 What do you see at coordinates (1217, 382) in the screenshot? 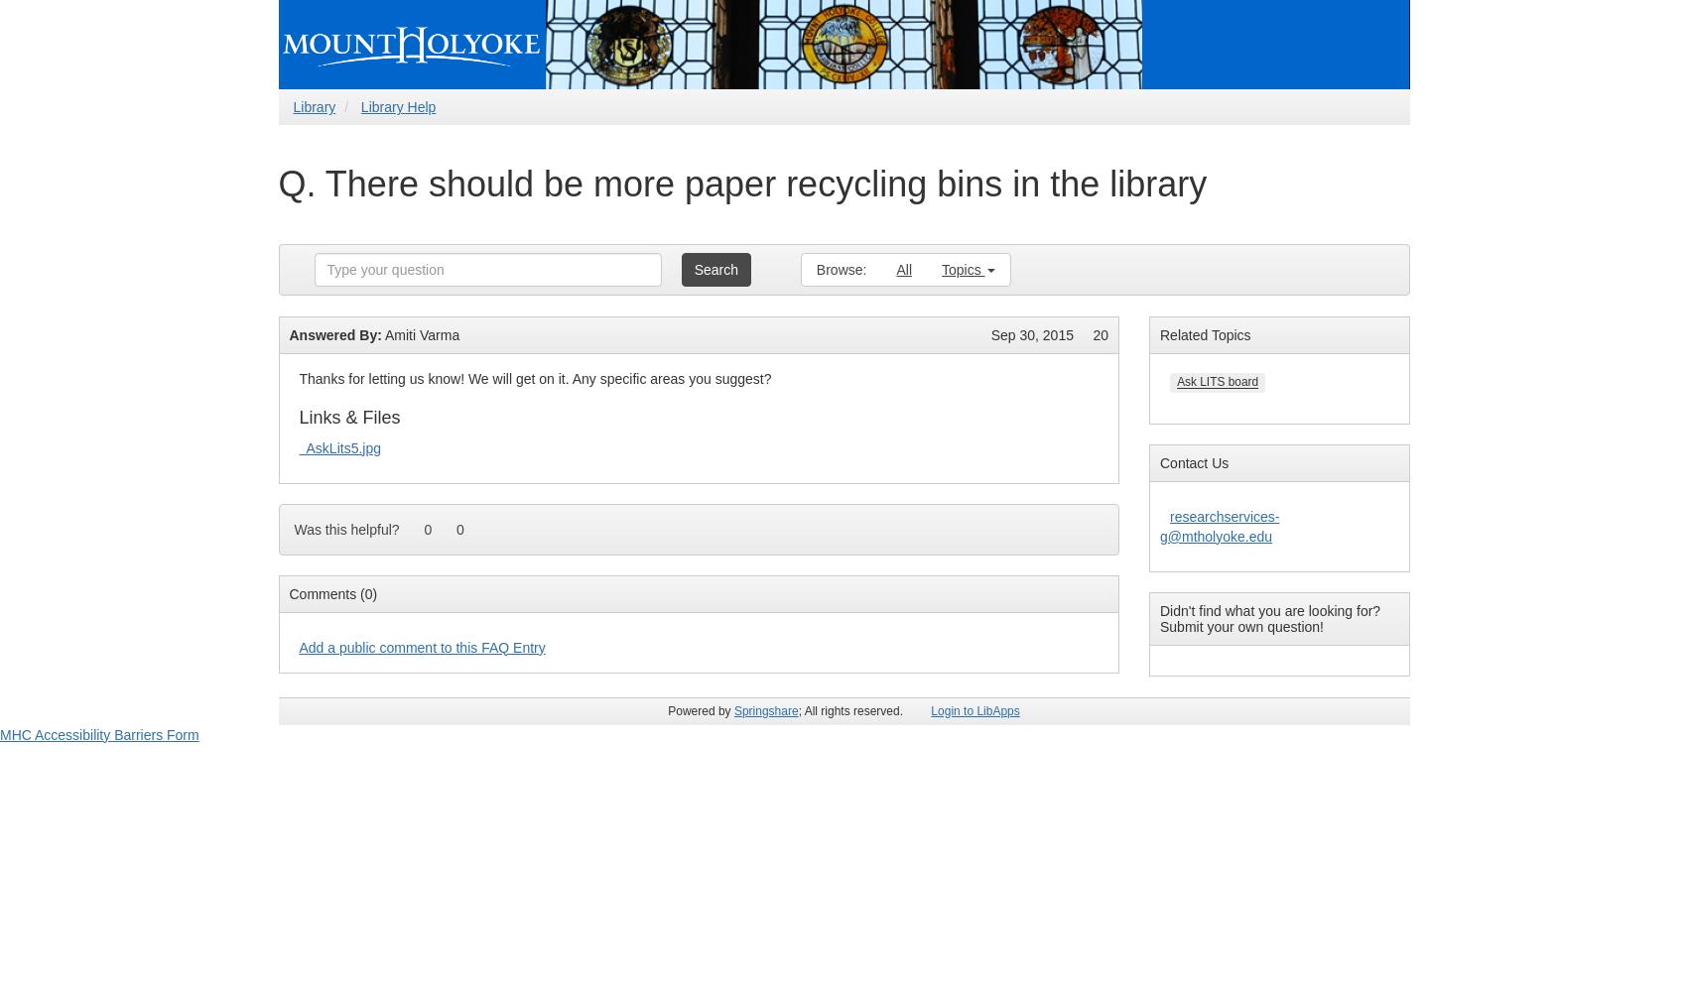
I see `'Ask LITS board'` at bounding box center [1217, 382].